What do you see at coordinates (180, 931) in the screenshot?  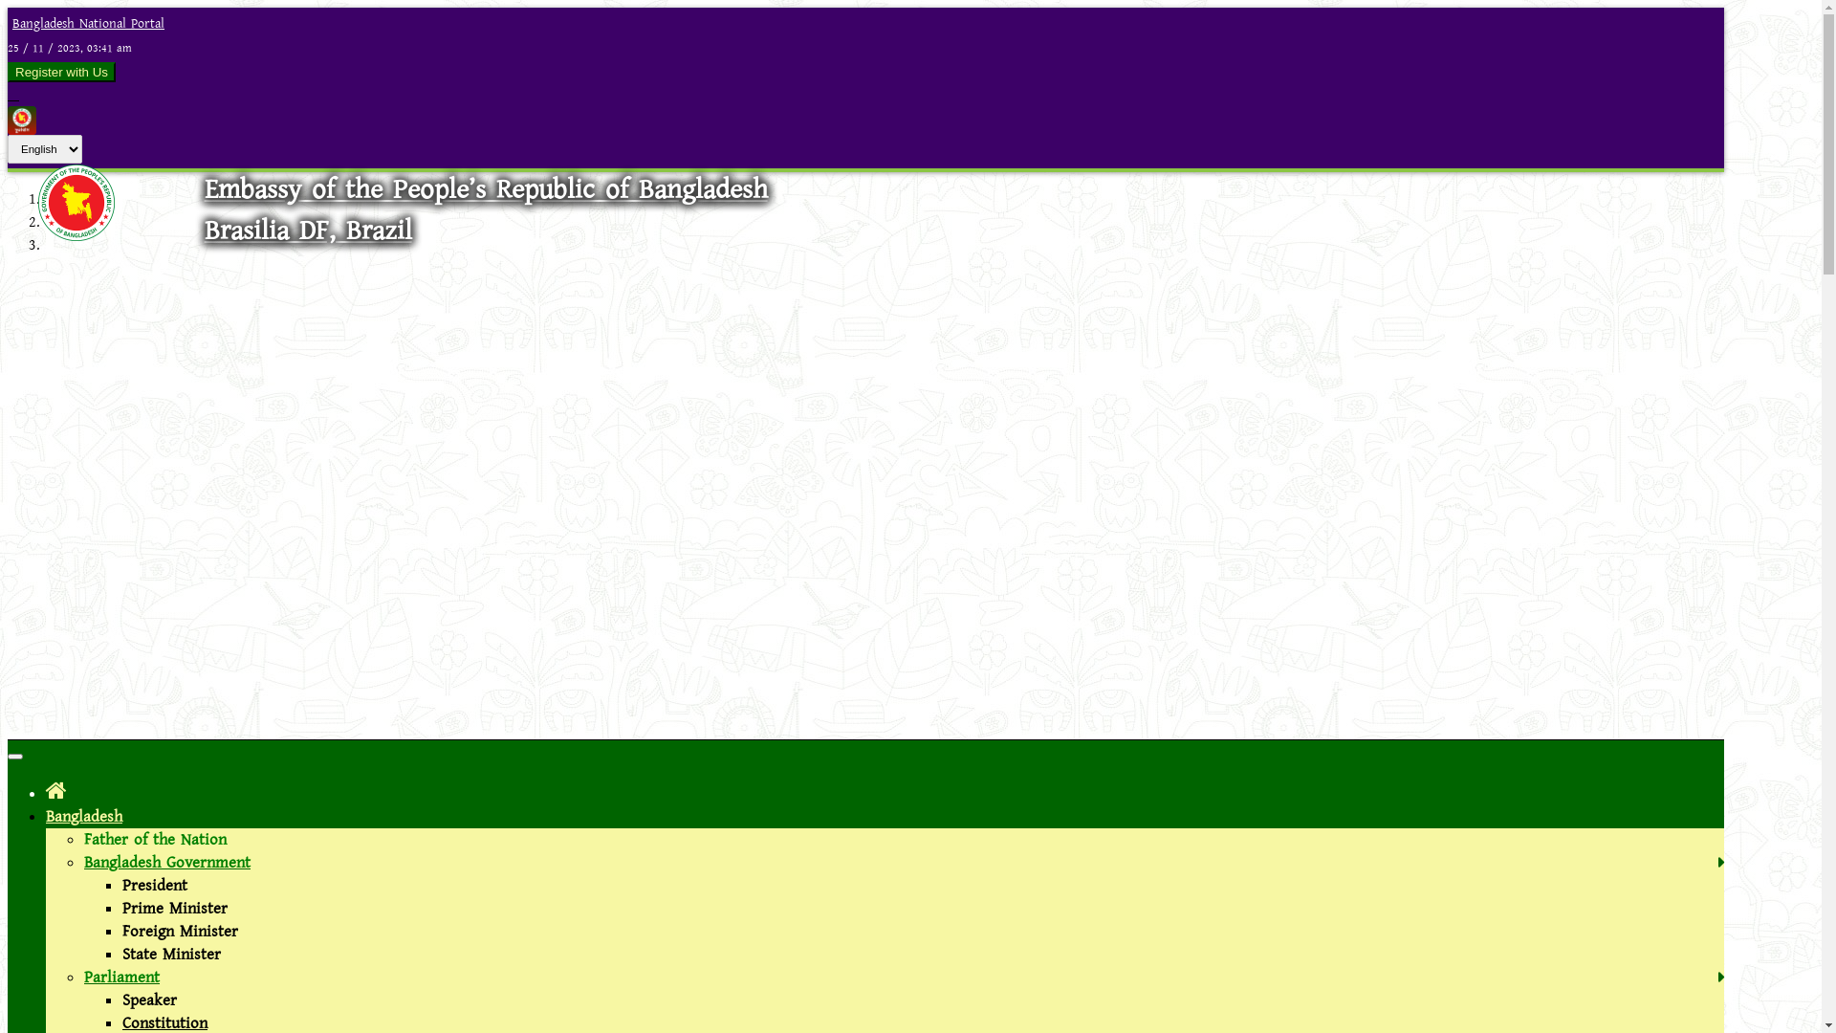 I see `'Foreign Minister'` at bounding box center [180, 931].